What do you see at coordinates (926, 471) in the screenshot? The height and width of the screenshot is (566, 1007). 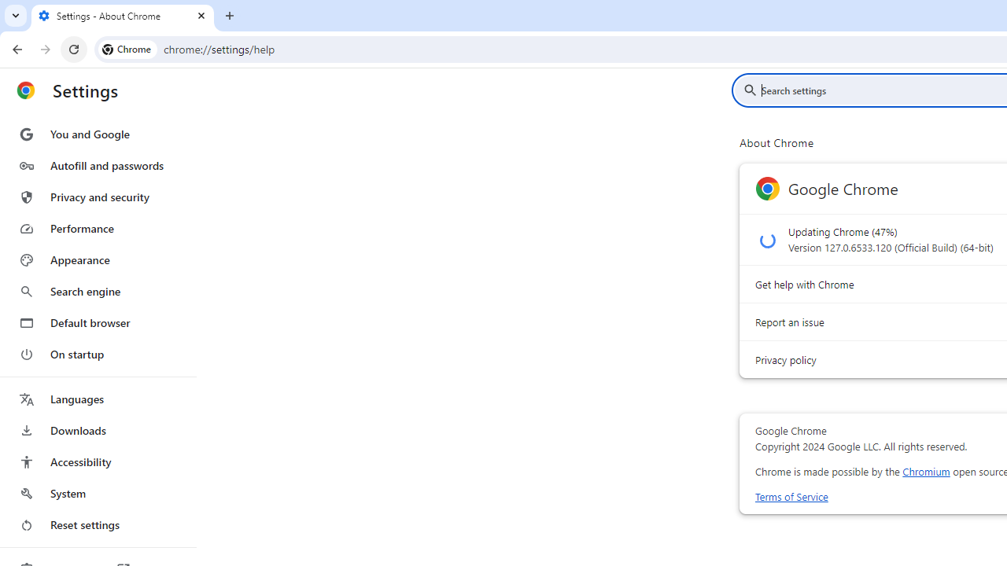 I see `'Chromium'` at bounding box center [926, 471].